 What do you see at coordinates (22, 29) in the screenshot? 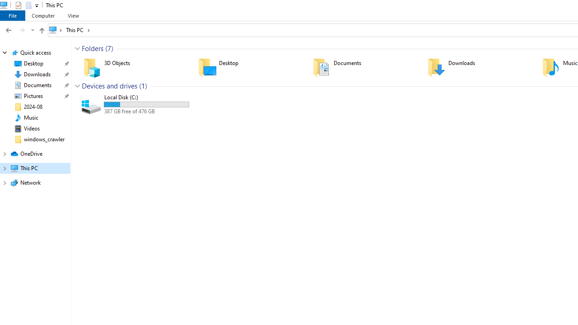
I see `'Forward (Alt + Right Arrow)'` at bounding box center [22, 29].